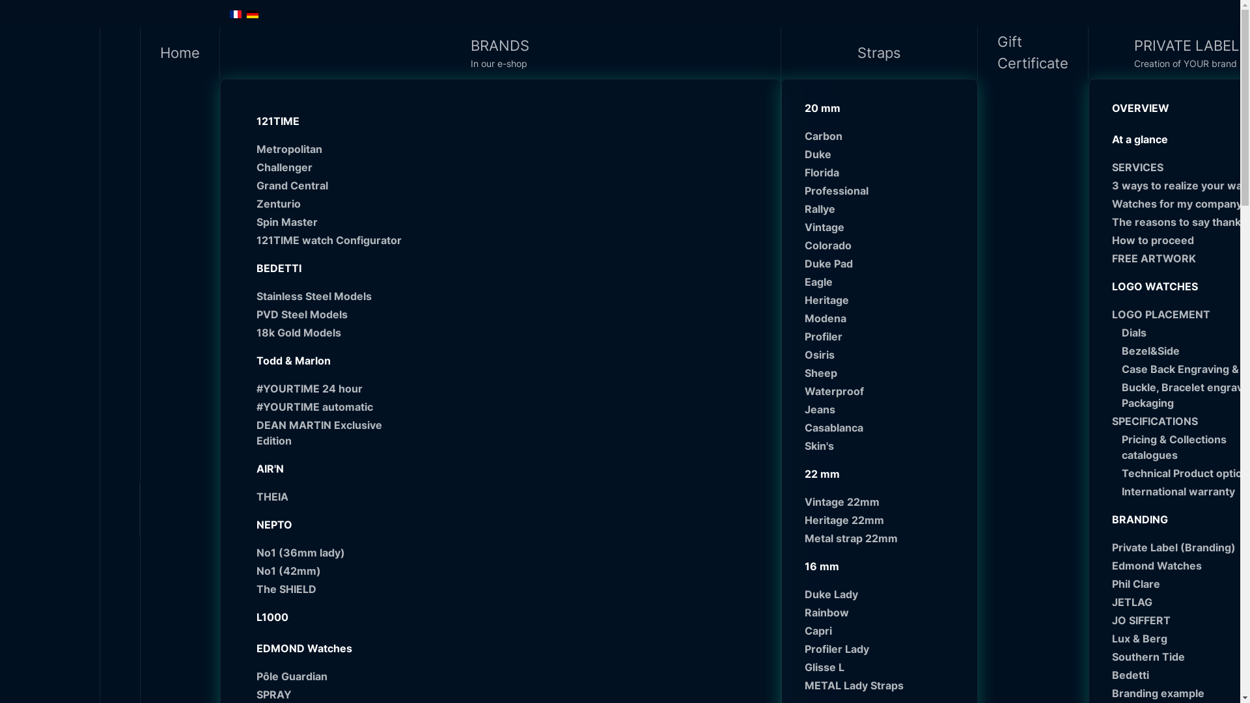 This screenshot has width=1250, height=703. I want to click on 'Professional', so click(884, 191).